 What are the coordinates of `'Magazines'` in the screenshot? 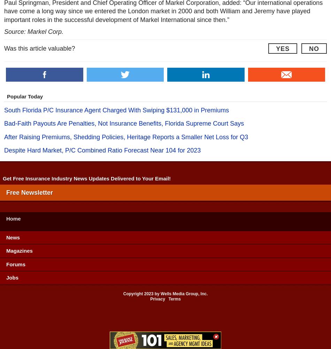 It's located at (19, 250).